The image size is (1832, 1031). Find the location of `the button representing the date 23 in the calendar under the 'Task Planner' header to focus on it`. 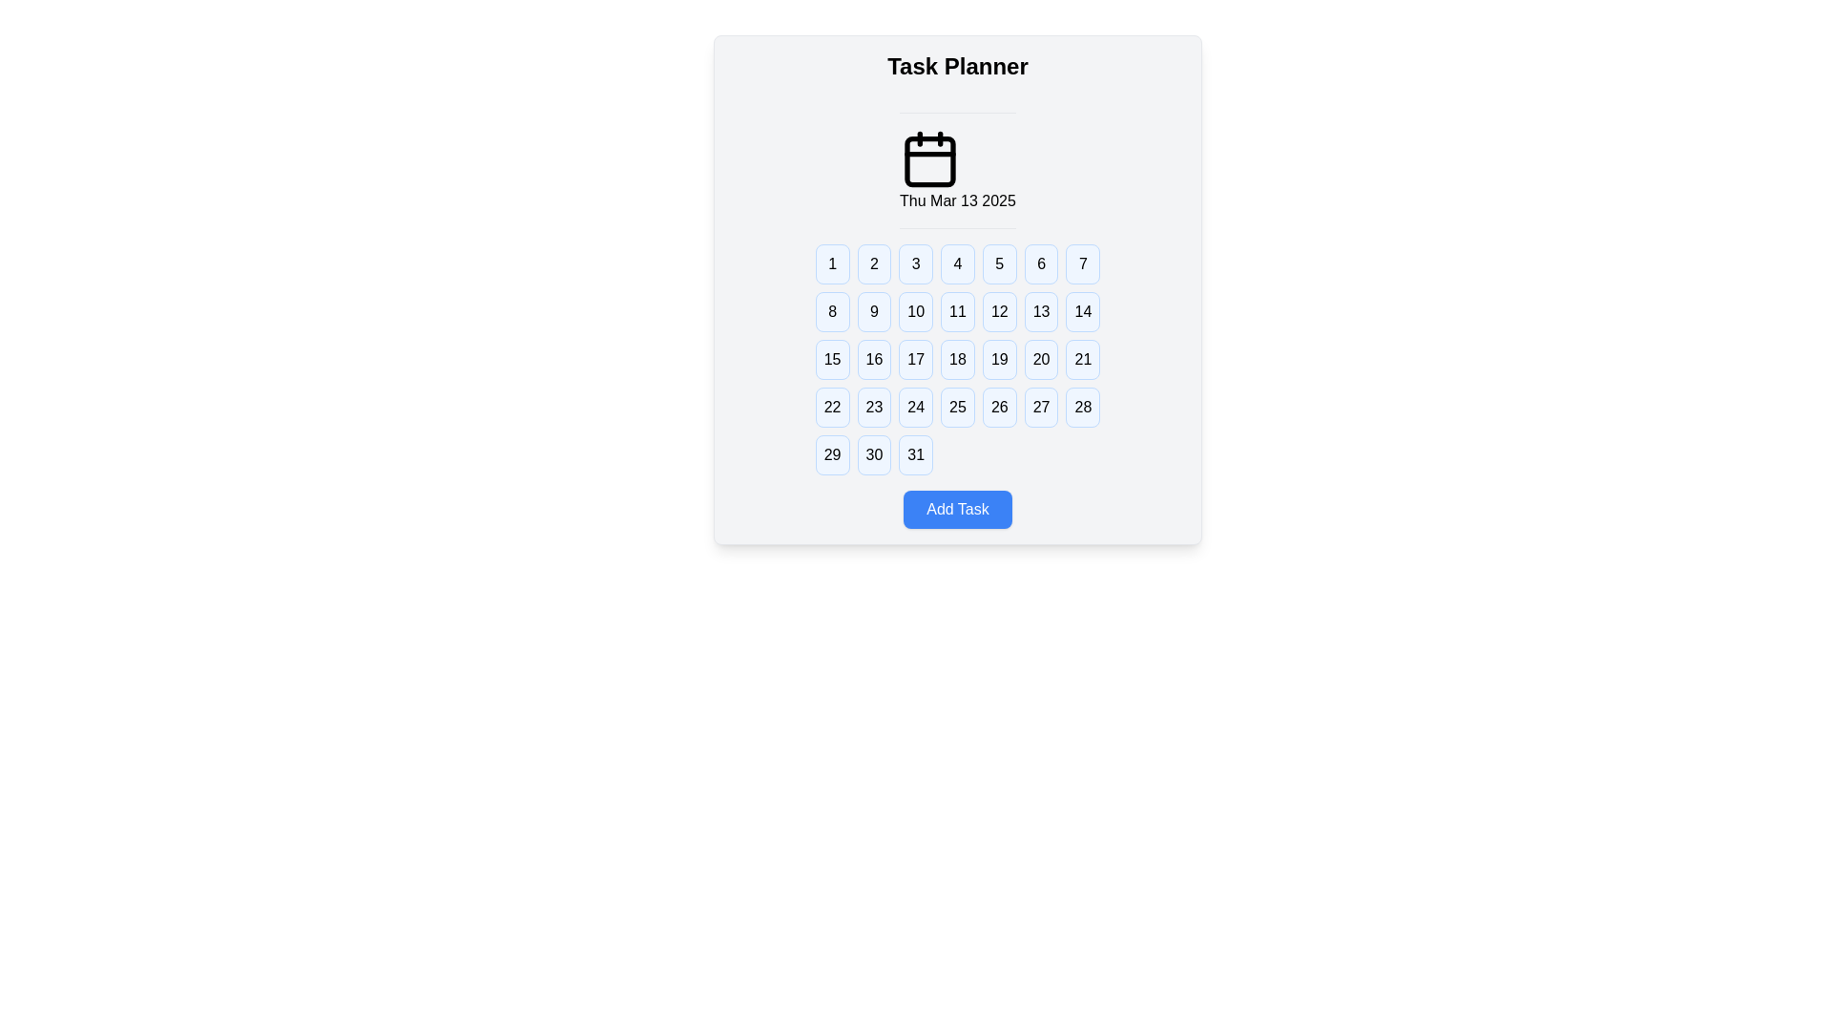

the button representing the date 23 in the calendar under the 'Task Planner' header to focus on it is located at coordinates (873, 407).